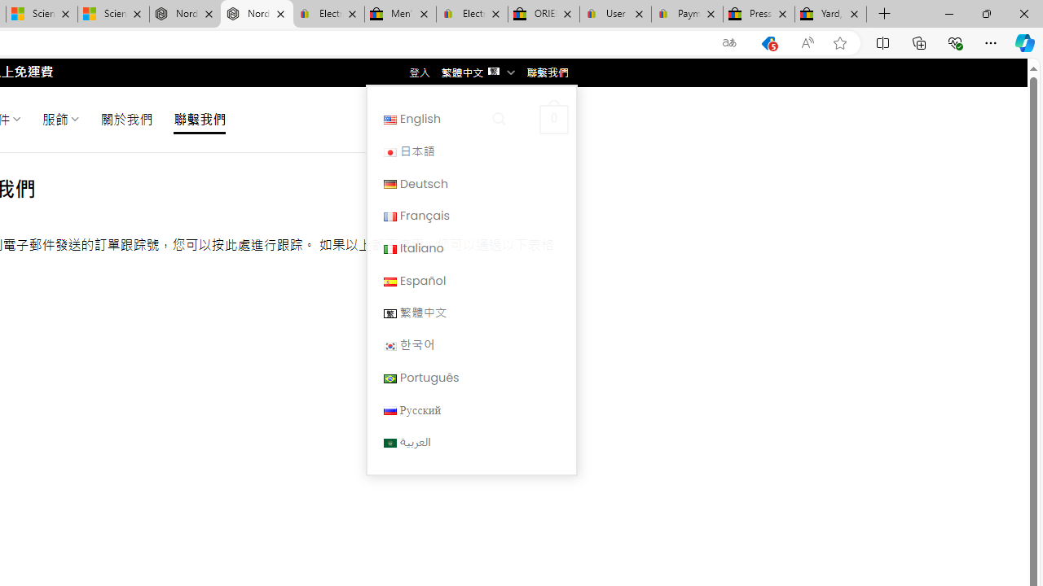  What do you see at coordinates (687, 14) in the screenshot?
I see `'Payments Terms of Use | eBay.com'` at bounding box center [687, 14].